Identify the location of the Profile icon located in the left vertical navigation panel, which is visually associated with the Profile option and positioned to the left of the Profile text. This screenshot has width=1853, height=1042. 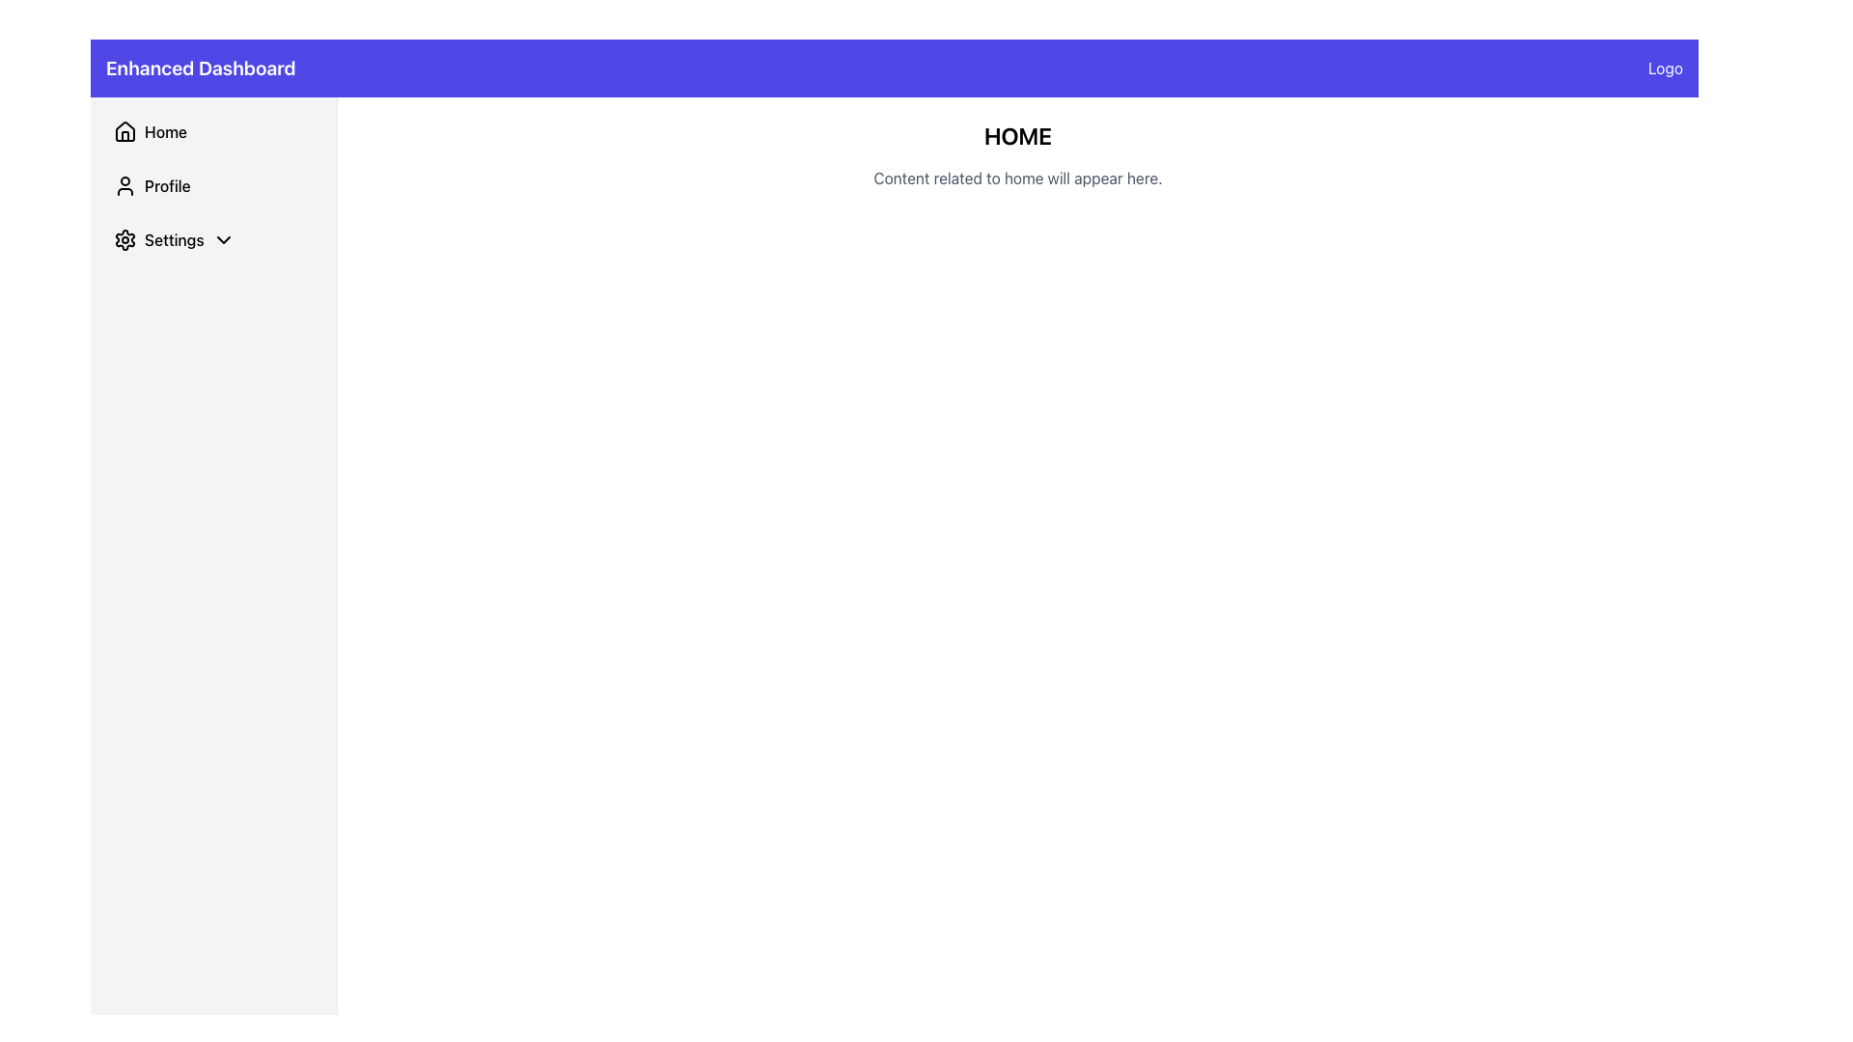
(124, 185).